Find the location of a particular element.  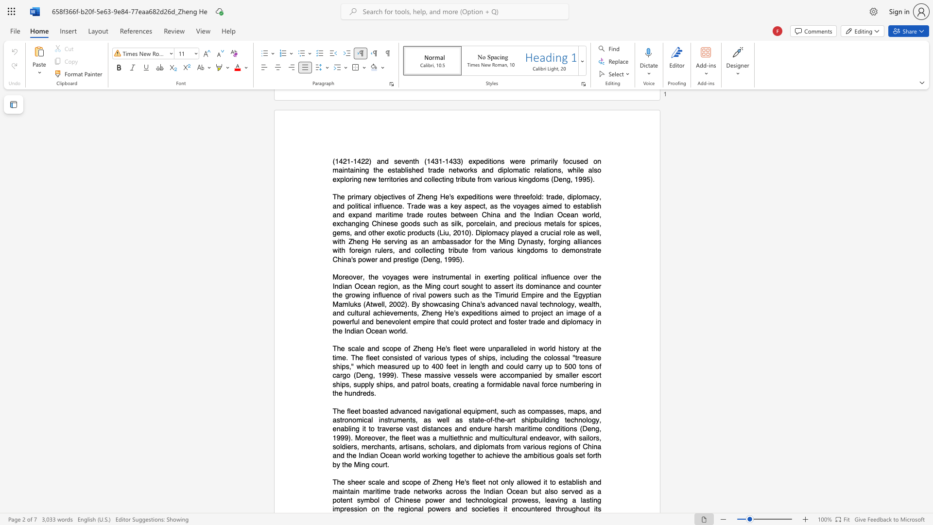

the space between the continuous character "s" and "i" in the text is located at coordinates (356, 508).